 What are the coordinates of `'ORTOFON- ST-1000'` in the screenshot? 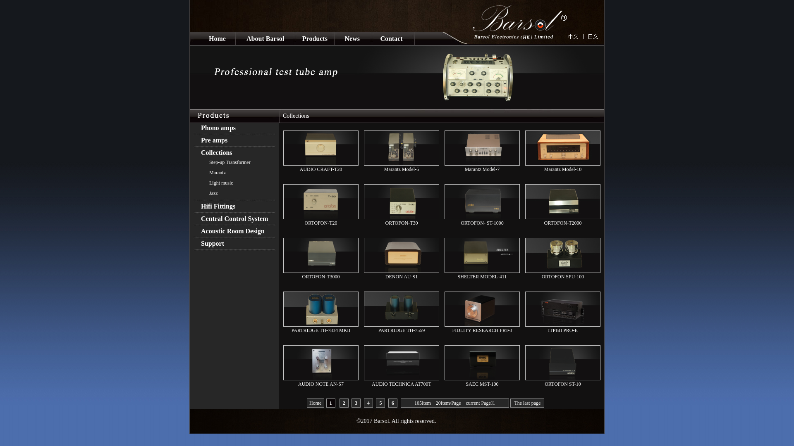 It's located at (460, 223).